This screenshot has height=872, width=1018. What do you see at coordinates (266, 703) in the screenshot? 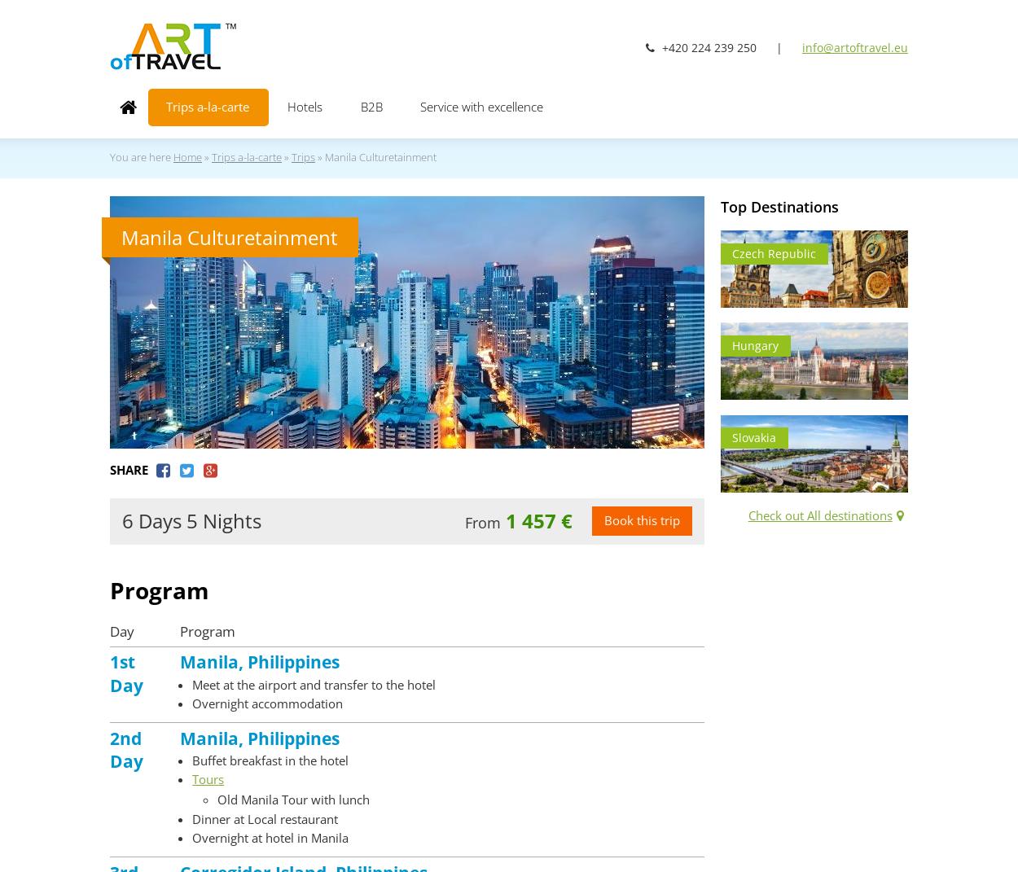
I see `'Overnight accommodation'` at bounding box center [266, 703].